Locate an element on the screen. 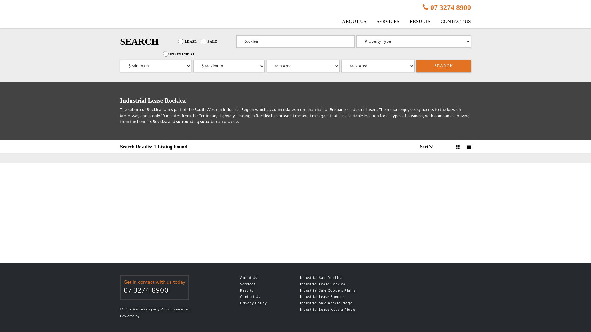  'Industrial Sale Coopers Plains' is located at coordinates (300, 290).